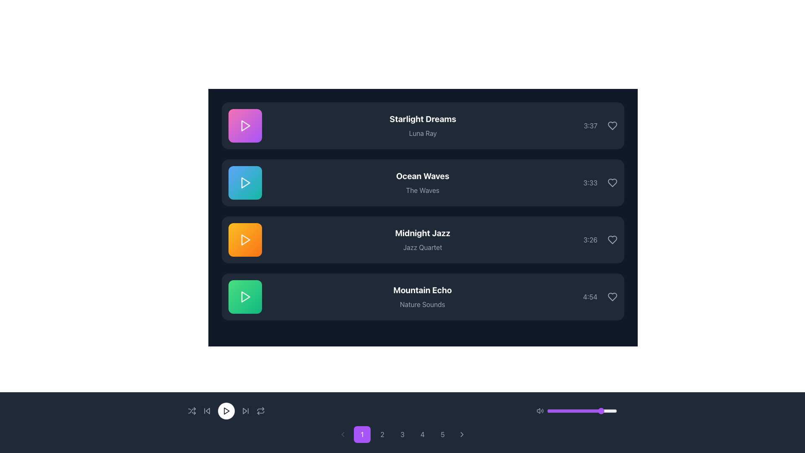 This screenshot has width=805, height=453. Describe the element at coordinates (600, 182) in the screenshot. I see `the duration text label for the track 'Ocean Waves', which is located in the second row of music tracks, positioned to the right side of the row adjacent to the heart icon` at that location.